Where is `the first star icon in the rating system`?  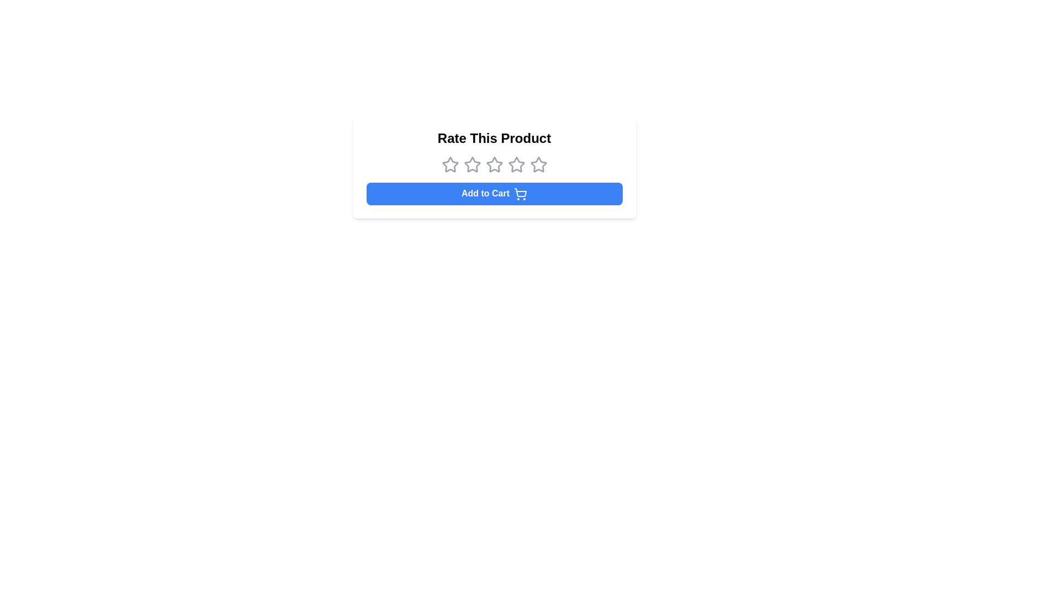 the first star icon in the rating system is located at coordinates (450, 164).